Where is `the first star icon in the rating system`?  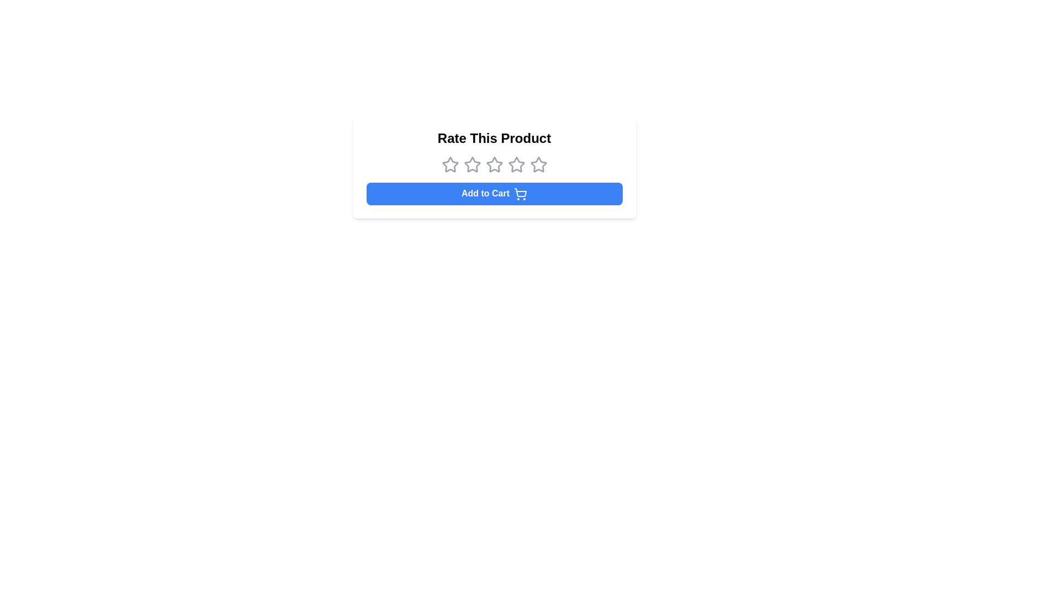 the first star icon in the rating system is located at coordinates (450, 164).